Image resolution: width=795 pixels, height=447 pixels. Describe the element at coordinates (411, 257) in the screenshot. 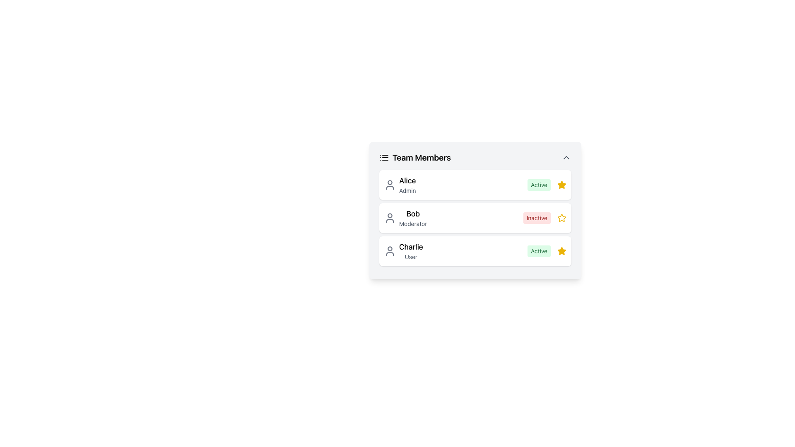

I see `the Text Label indicating the role or designation of the user 'Charlie' in the Team Members list, located in the third row below the text 'Charlie'` at that location.